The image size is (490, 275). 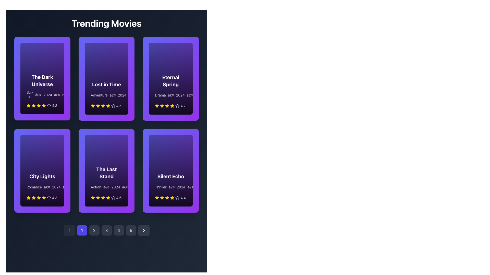 What do you see at coordinates (33, 105) in the screenshot?
I see `the third star icon indicating the rating for the movie 'The Dark Universe', located in the first card on the first row` at bounding box center [33, 105].